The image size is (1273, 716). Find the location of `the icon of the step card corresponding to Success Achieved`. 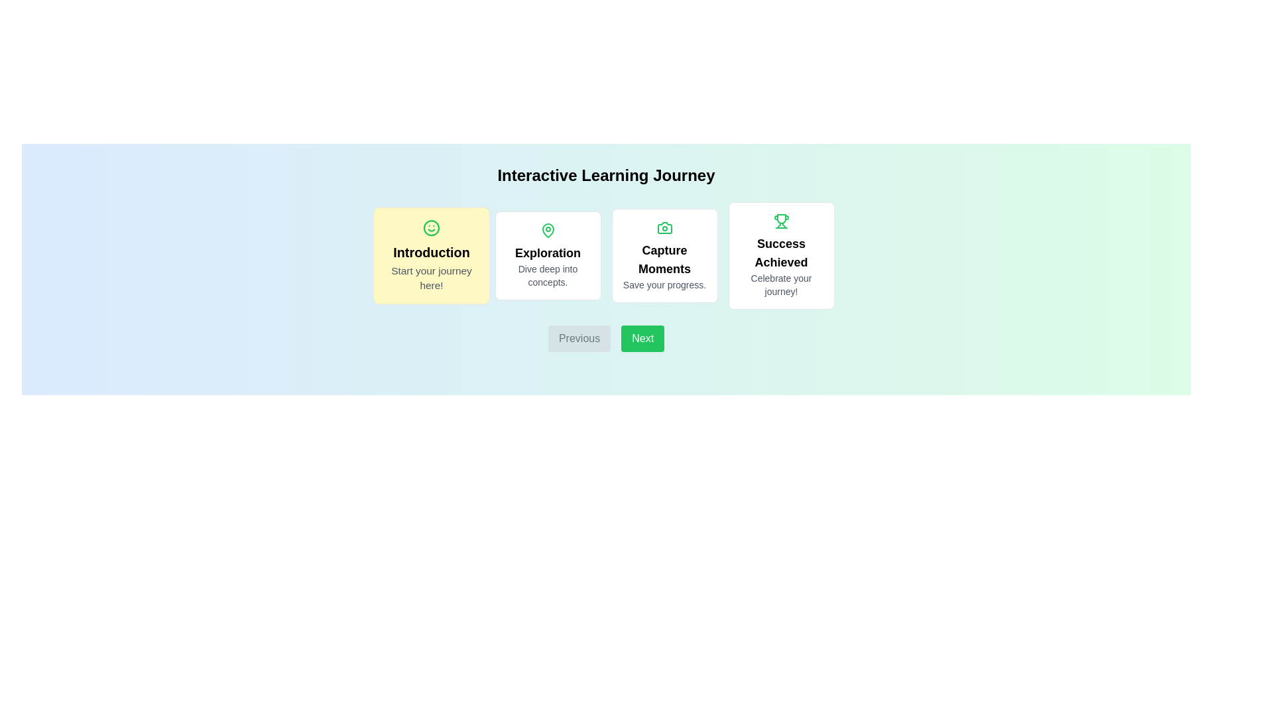

the icon of the step card corresponding to Success Achieved is located at coordinates (781, 221).